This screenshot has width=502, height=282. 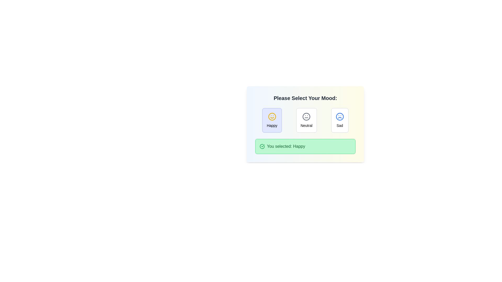 What do you see at coordinates (262, 146) in the screenshot?
I see `the green circular check mark icon located within the green notification box beside the text 'You selected: Happy' to interact with its underlying functionality` at bounding box center [262, 146].